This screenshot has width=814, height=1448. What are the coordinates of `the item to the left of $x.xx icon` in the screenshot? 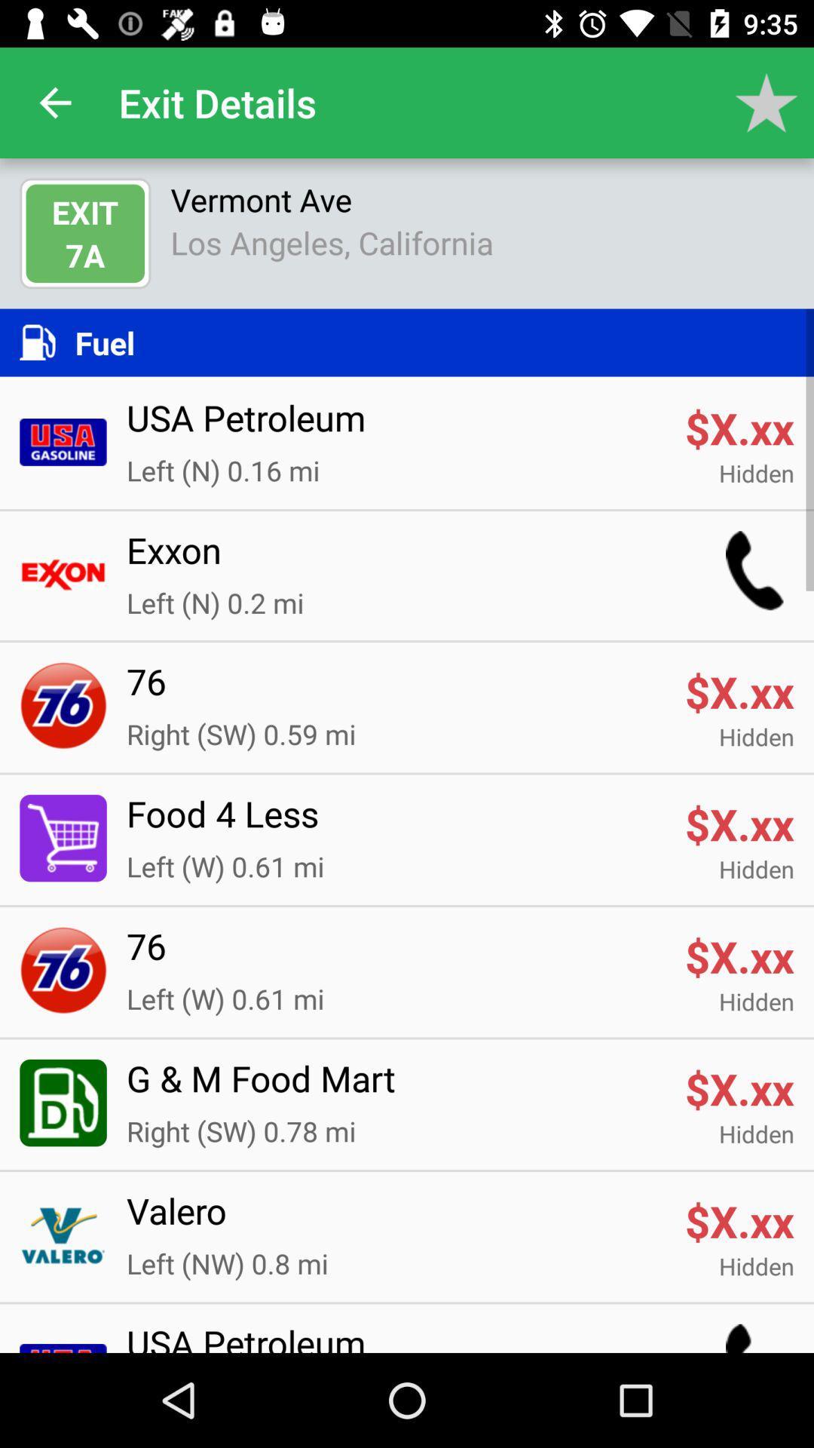 It's located at (395, 1220).